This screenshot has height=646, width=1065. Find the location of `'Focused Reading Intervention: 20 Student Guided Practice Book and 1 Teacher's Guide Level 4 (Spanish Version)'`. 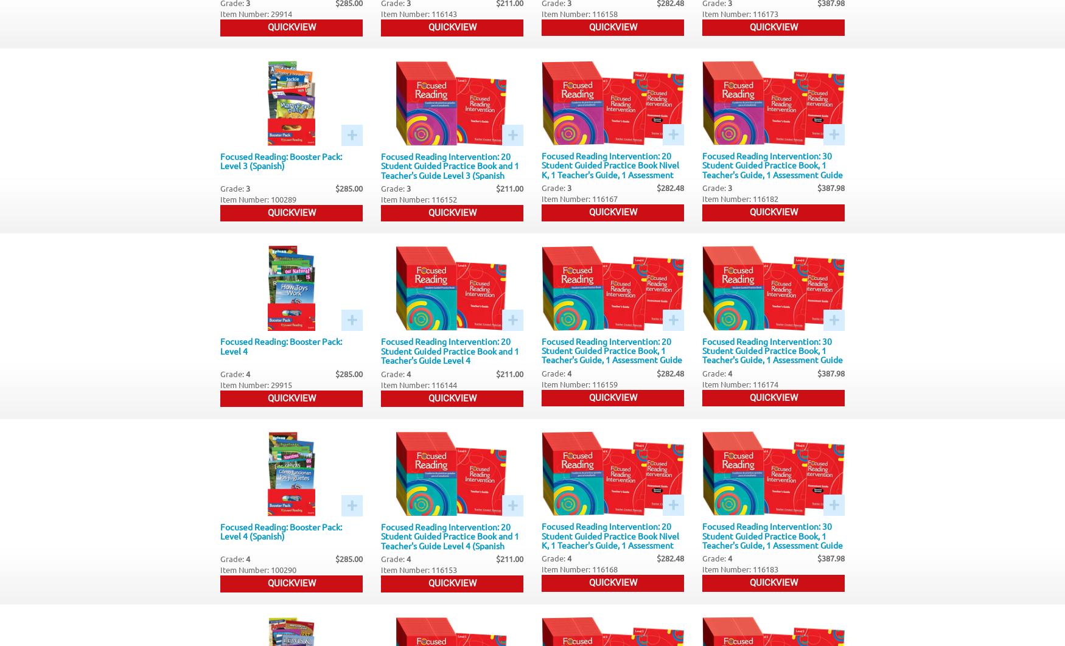

'Focused Reading Intervention: 20 Student Guided Practice Book and 1 Teacher's Guide Level 4 (Spanish Version)' is located at coordinates (450, 540).